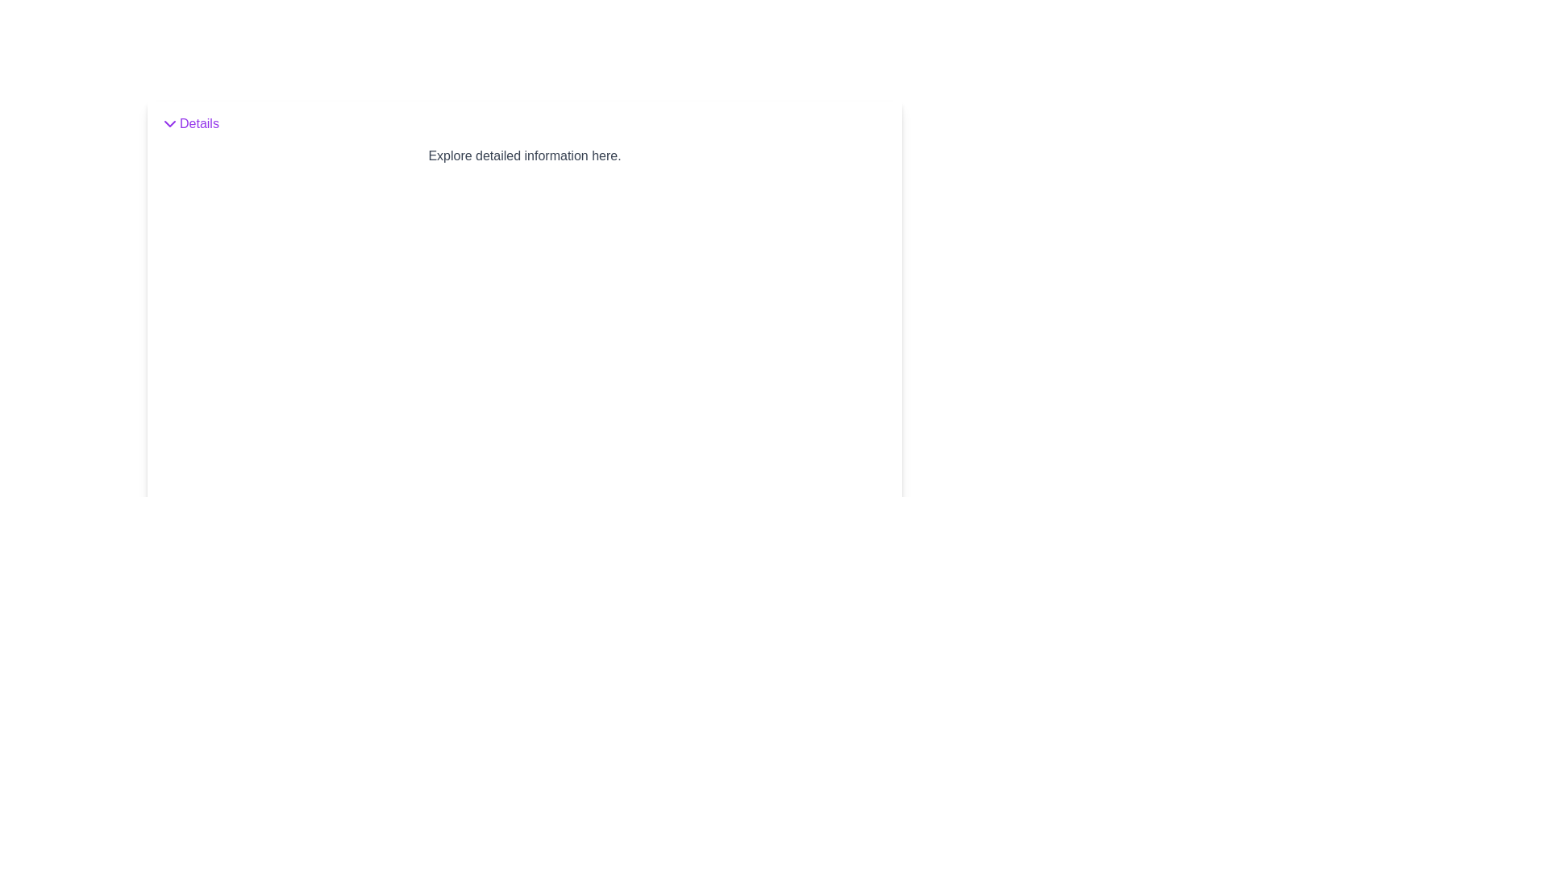  I want to click on the button with a purple arrow icon pointing downward and the text 'Details', so click(189, 123).